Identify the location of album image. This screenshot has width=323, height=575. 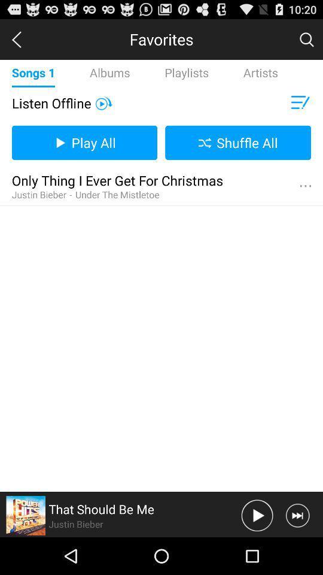
(26, 515).